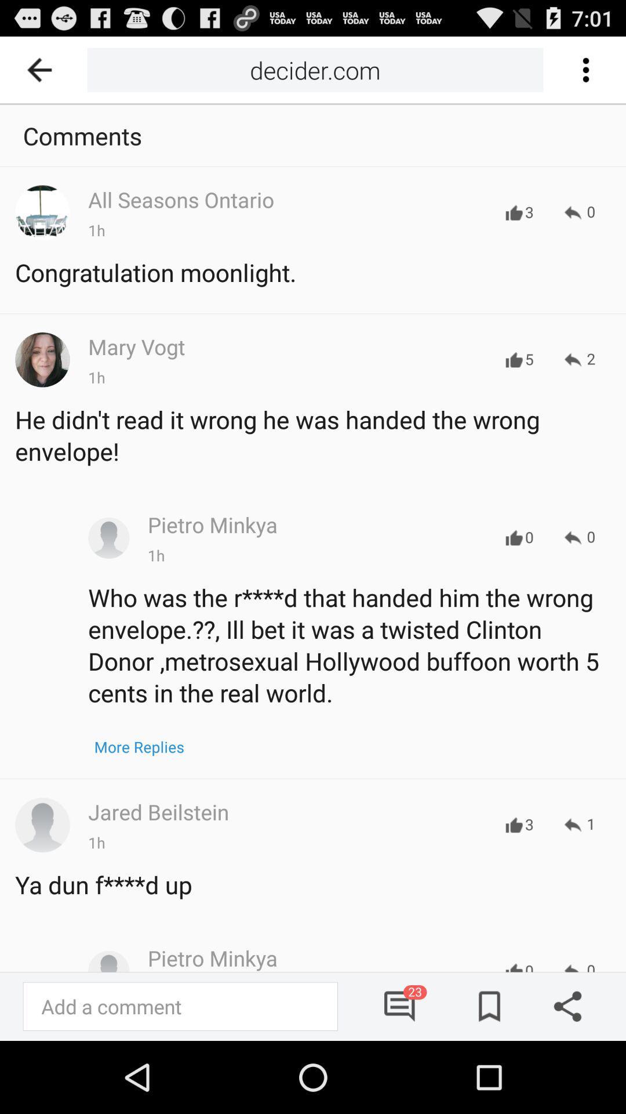  I want to click on the more replies option, so click(139, 747).